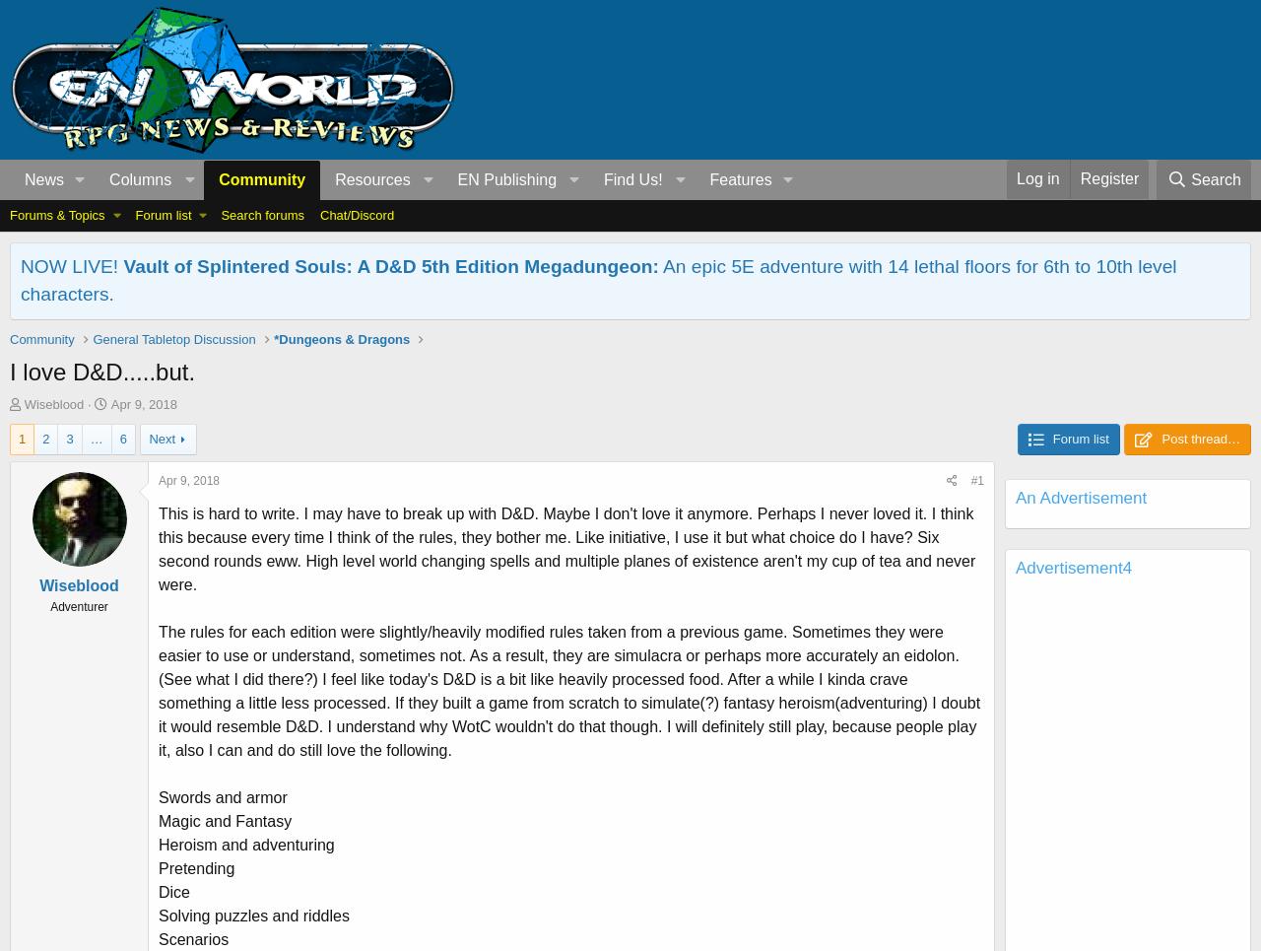 Image resolution: width=1261 pixels, height=951 pixels. What do you see at coordinates (159, 796) in the screenshot?
I see `'Swords and armor'` at bounding box center [159, 796].